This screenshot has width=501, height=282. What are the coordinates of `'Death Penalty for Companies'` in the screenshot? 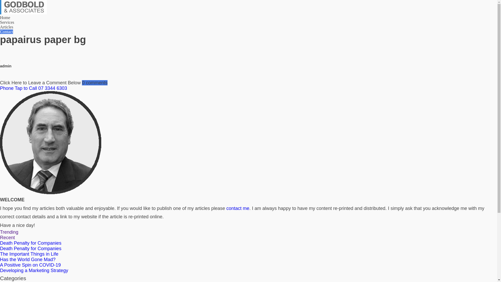 It's located at (30, 243).